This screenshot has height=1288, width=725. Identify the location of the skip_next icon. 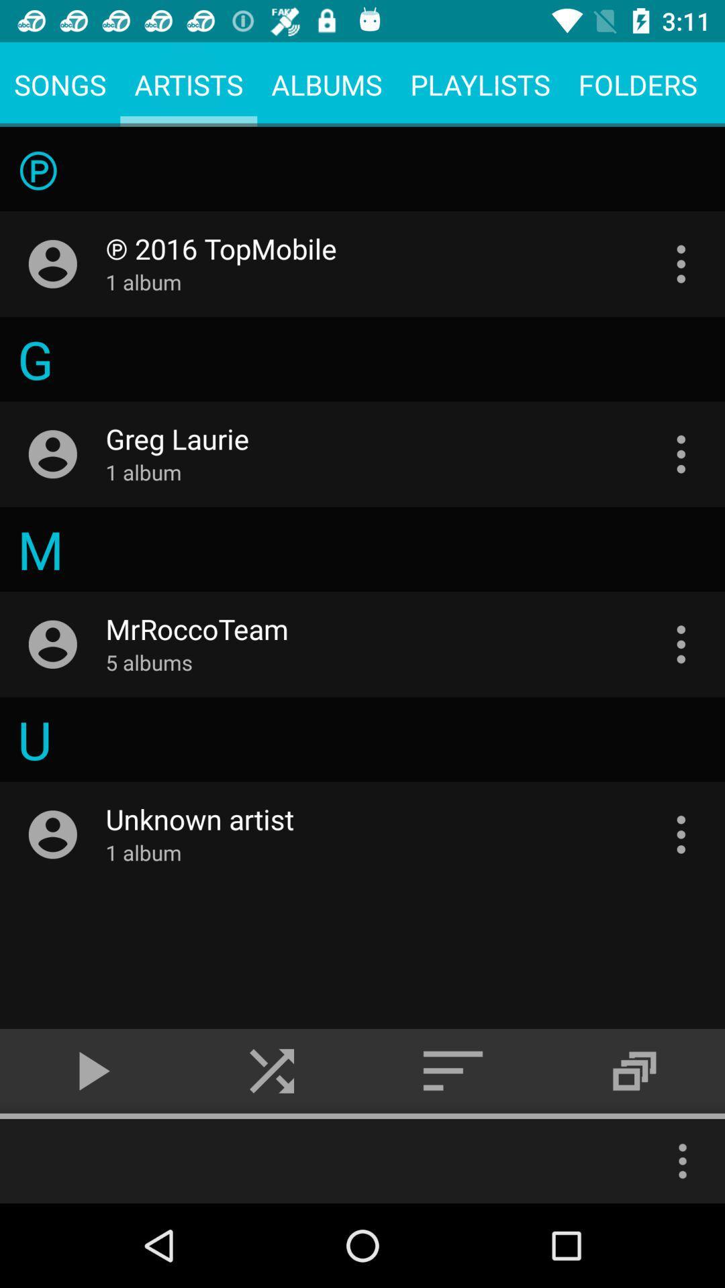
(272, 1070).